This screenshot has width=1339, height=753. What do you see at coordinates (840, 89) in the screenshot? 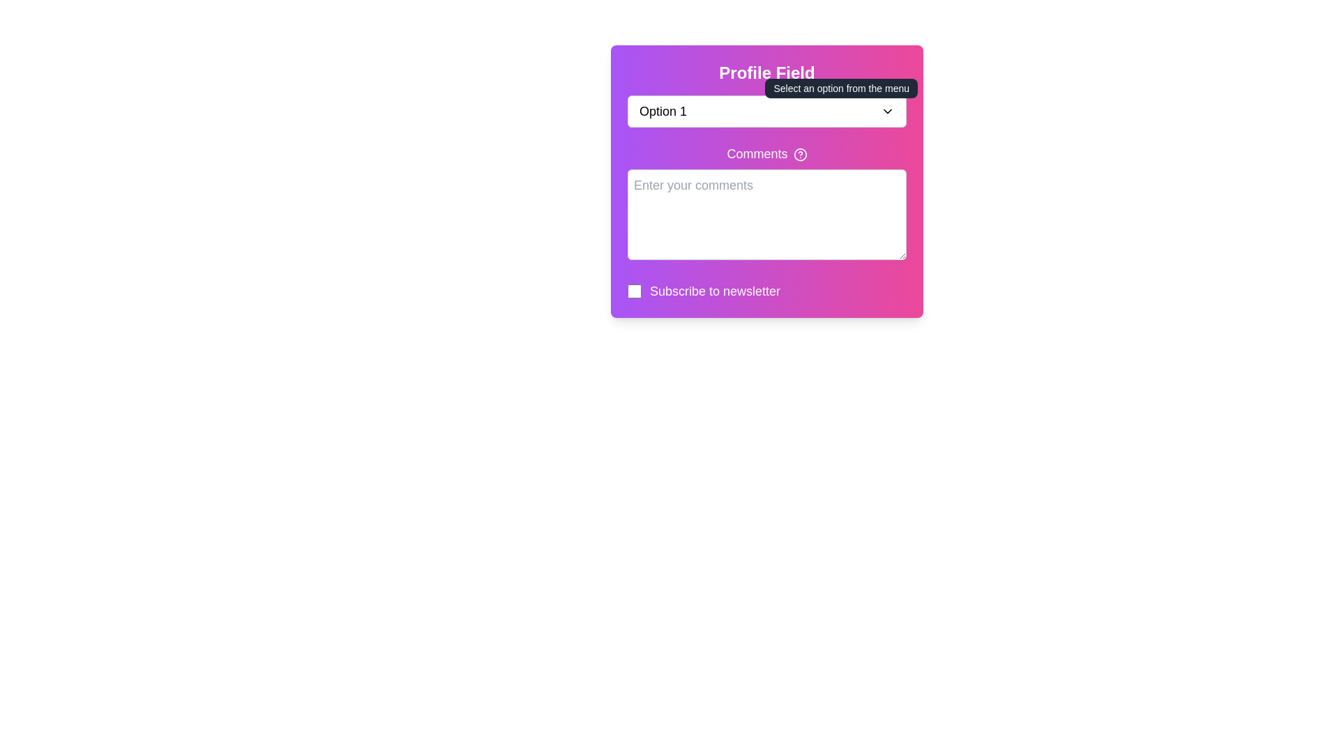
I see `the tooltip with a dark gray background and white text that reads 'Select an option from the menu', located above and slightly to the right of the option dropdown field` at bounding box center [840, 89].